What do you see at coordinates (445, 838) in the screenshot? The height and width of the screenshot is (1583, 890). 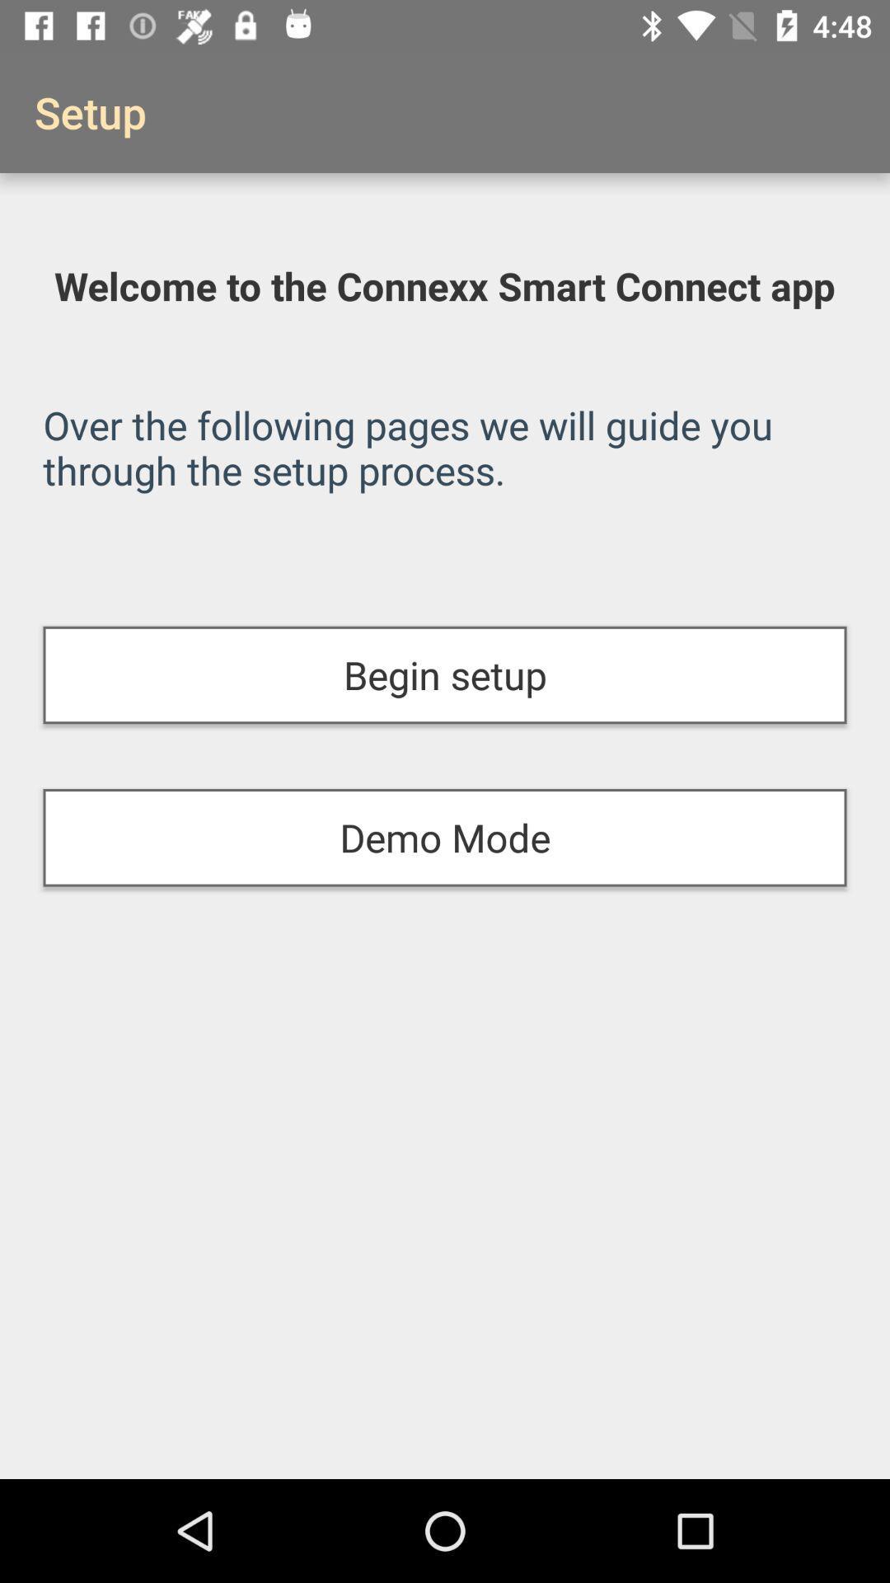 I see `the demo mode` at bounding box center [445, 838].